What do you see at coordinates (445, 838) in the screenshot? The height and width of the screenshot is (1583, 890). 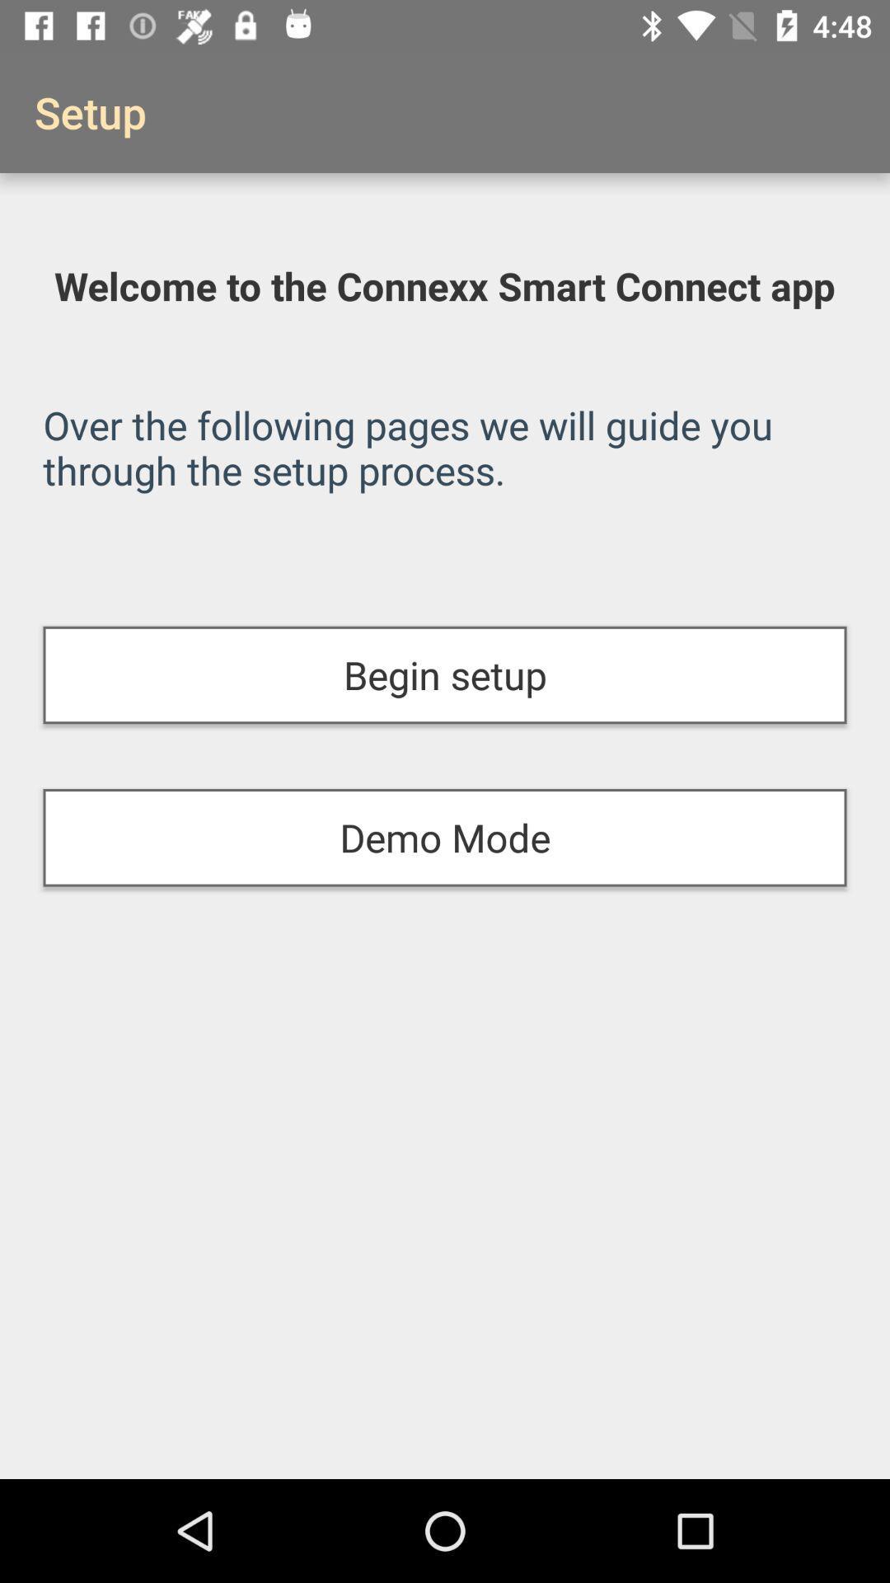 I see `the demo mode` at bounding box center [445, 838].